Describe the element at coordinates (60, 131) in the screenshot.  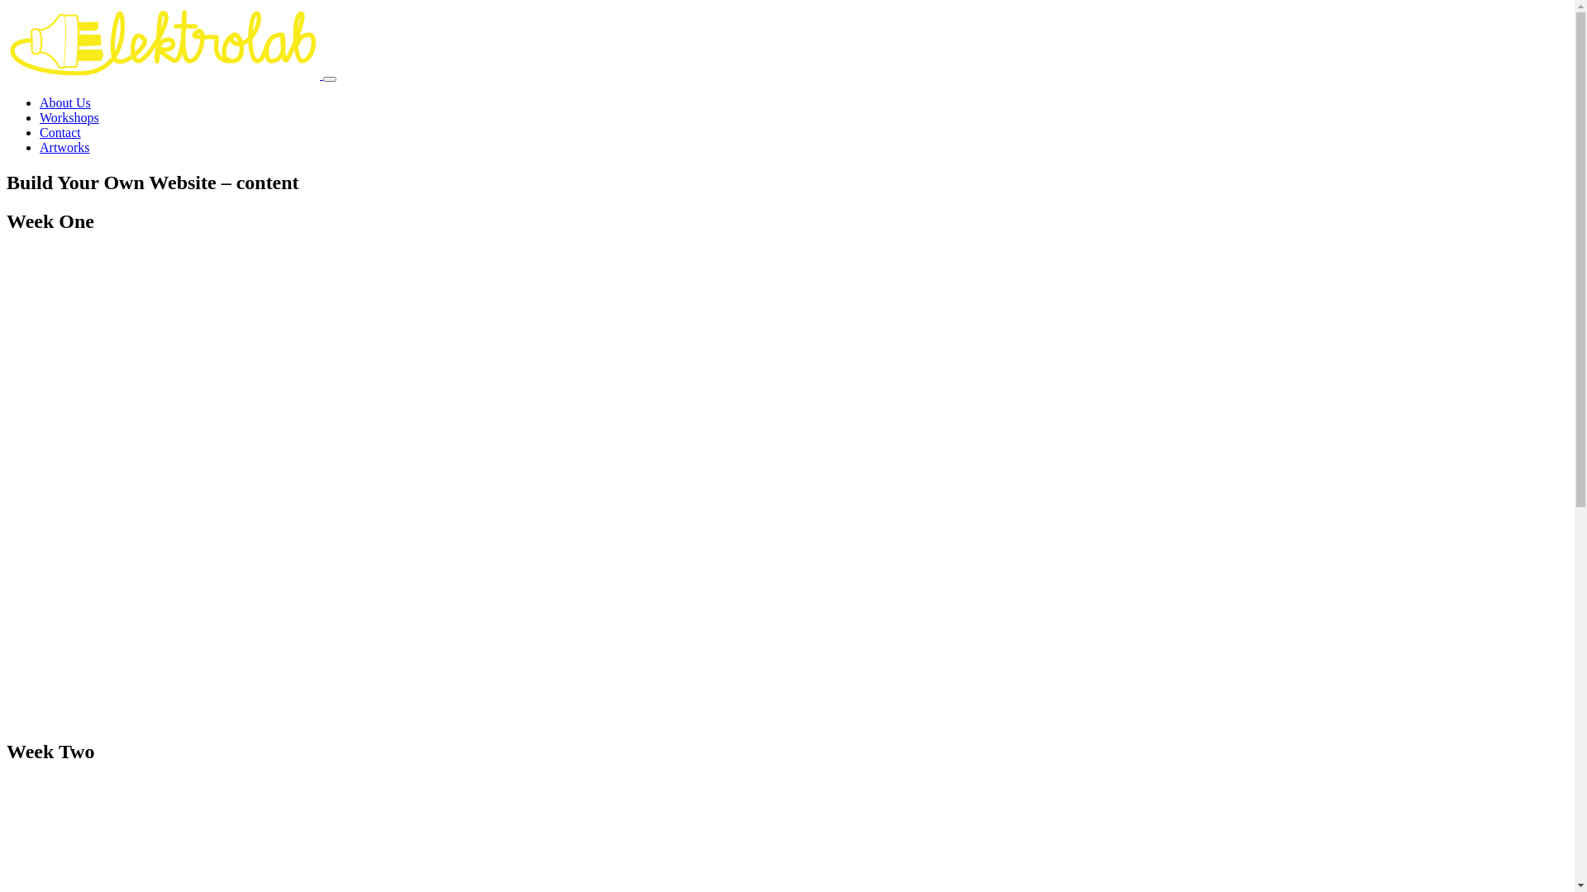
I see `'Contact'` at that location.